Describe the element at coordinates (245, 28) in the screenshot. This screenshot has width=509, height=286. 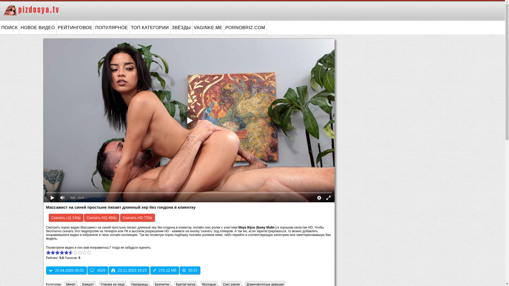
I see `'PORNOBRIZ.COM'` at that location.